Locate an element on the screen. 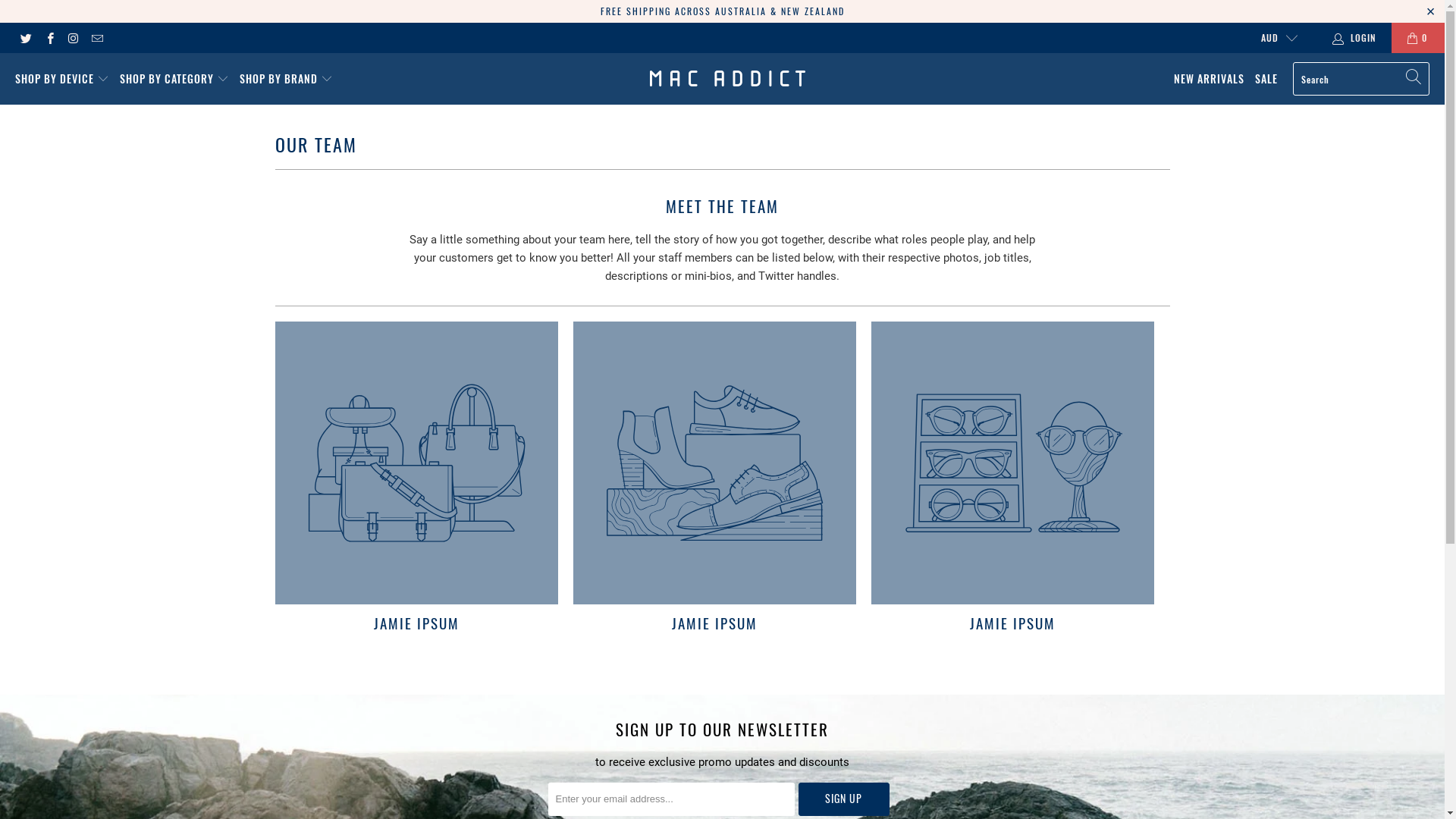 This screenshot has height=819, width=1456. 'Sign Up' is located at coordinates (843, 798).